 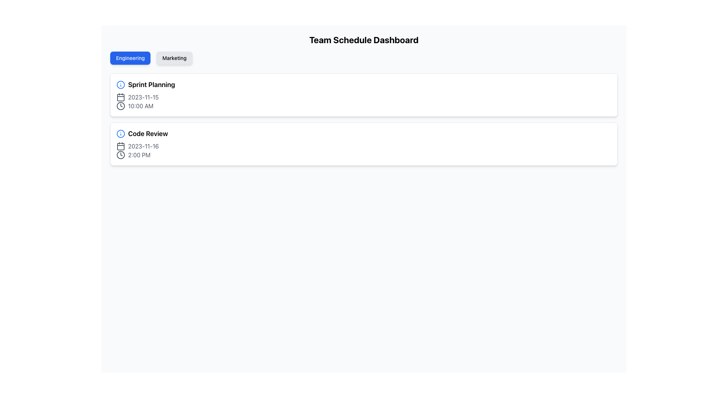 I want to click on the text label that serves as a title for an associated schedule item, located centrally within the second item of a vertically arranged list, so click(x=148, y=134).